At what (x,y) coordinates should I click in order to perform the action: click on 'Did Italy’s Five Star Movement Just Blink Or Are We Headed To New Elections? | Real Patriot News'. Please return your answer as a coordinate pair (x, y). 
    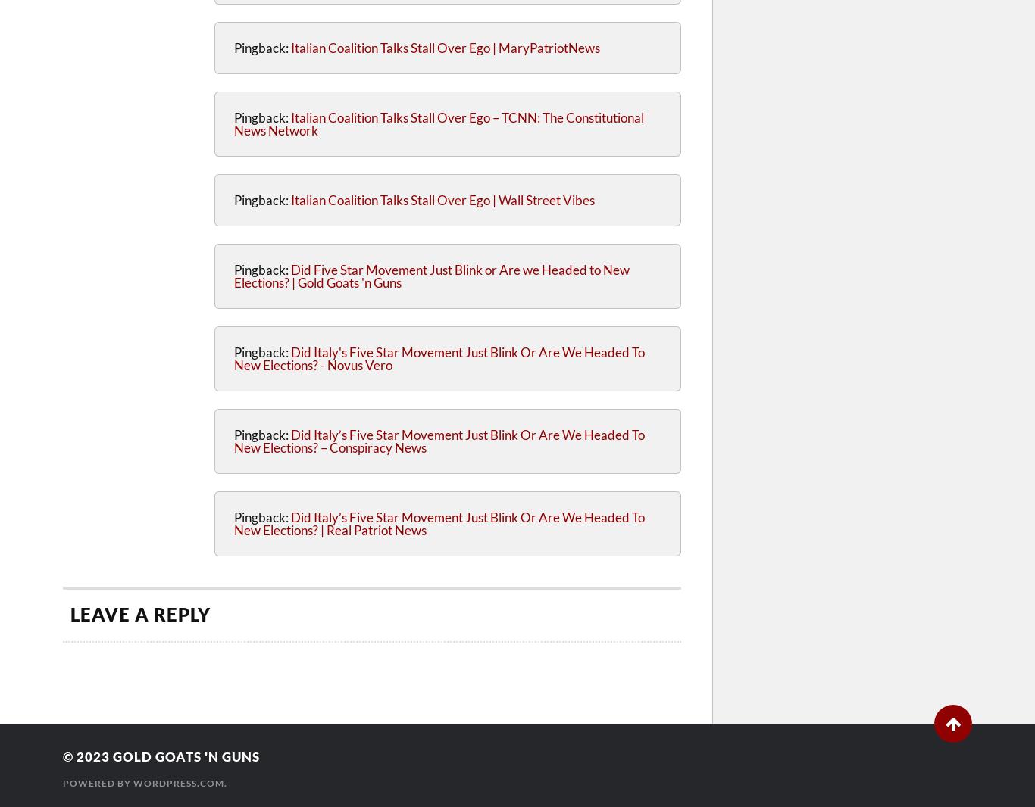
    Looking at the image, I should click on (439, 523).